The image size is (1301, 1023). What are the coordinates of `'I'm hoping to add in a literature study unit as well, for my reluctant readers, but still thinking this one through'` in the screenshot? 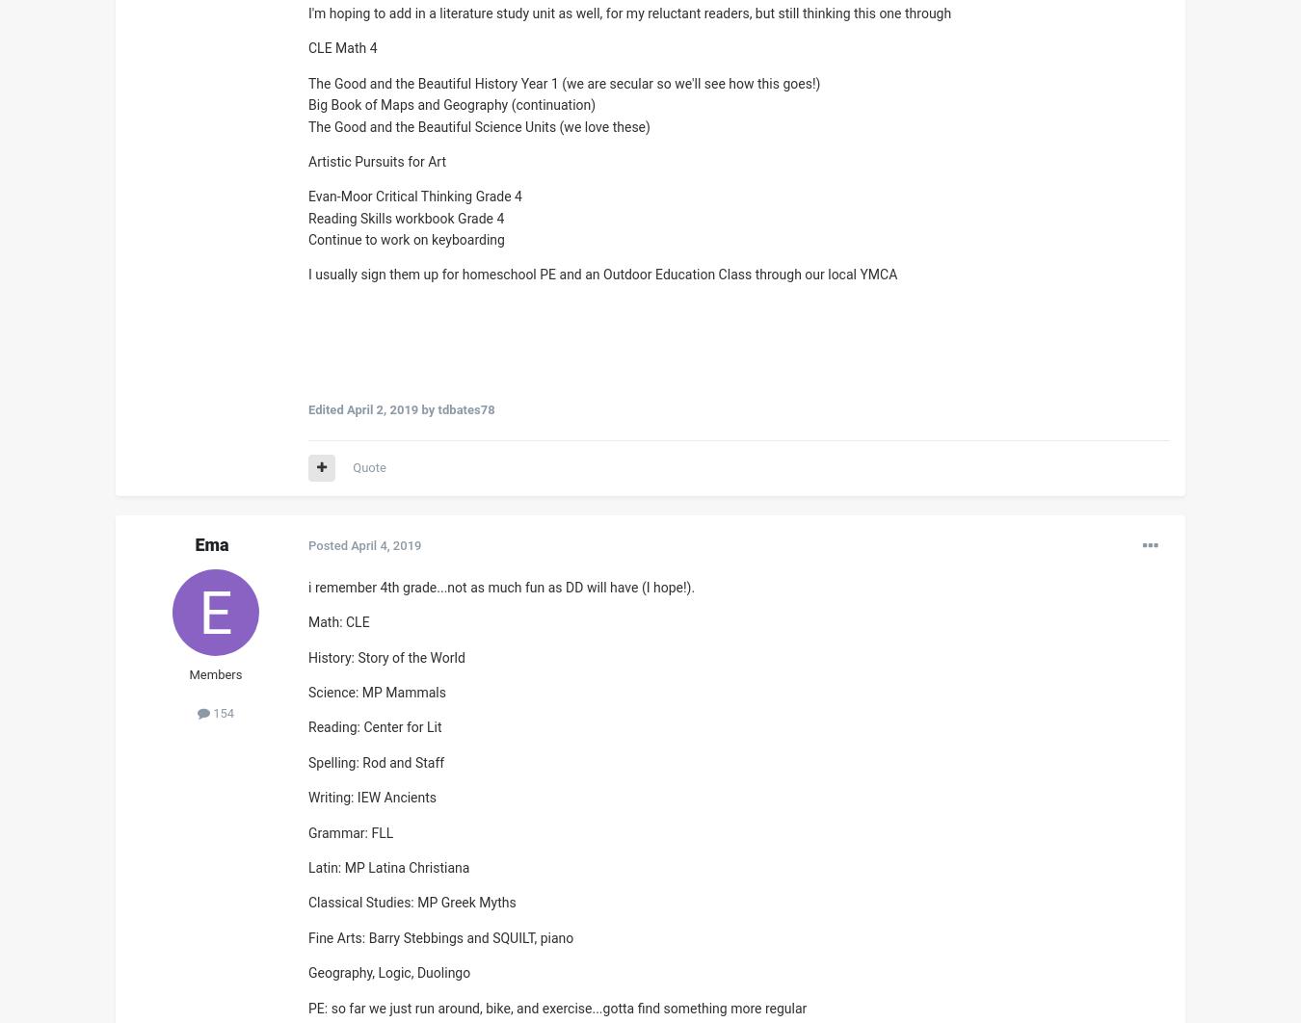 It's located at (629, 12).